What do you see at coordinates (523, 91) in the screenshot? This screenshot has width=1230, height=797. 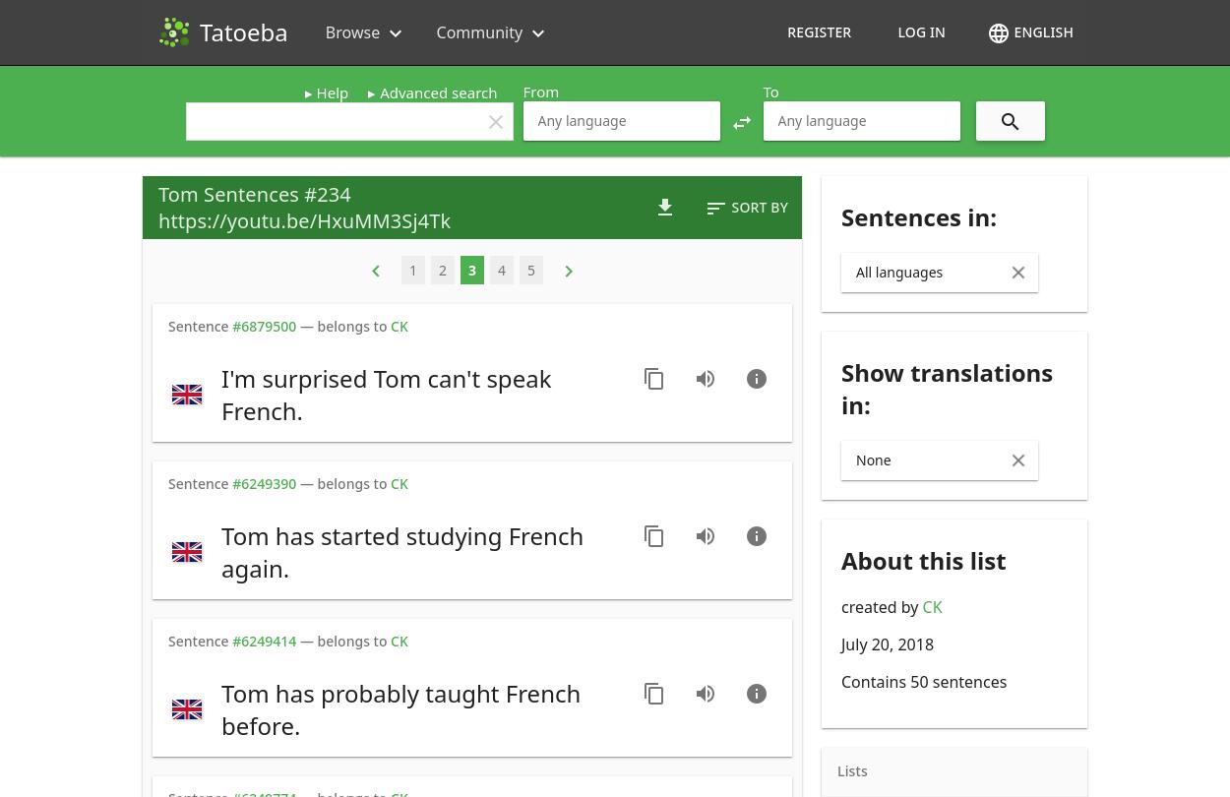 I see `'From'` at bounding box center [523, 91].